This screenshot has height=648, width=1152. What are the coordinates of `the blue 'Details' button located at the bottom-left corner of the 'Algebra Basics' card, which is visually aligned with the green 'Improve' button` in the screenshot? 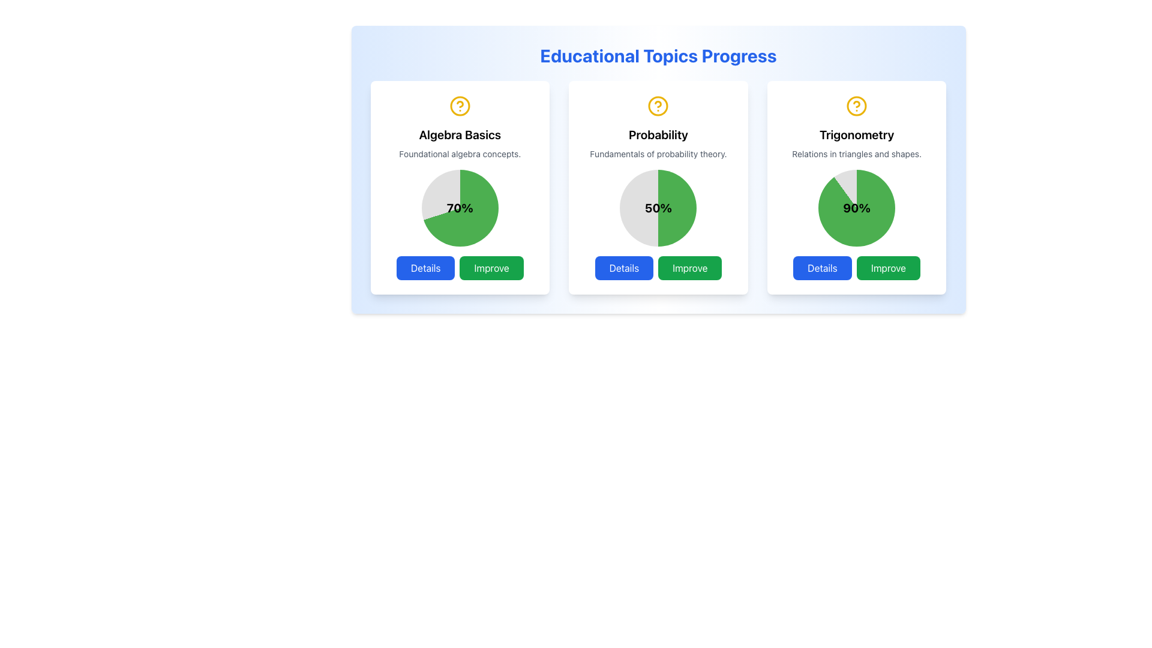 It's located at (425, 268).